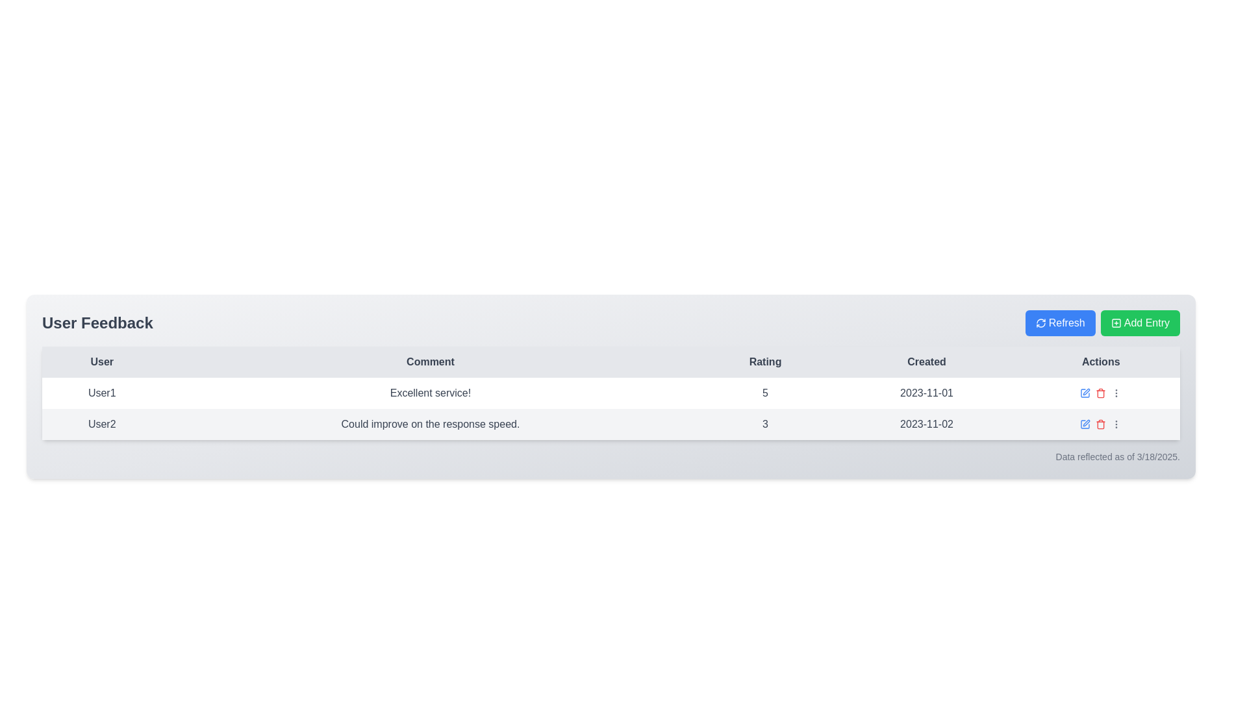 This screenshot has width=1247, height=701. I want to click on text label displaying 'User' which is the first column header of a table, located at the top left position within the header row, so click(101, 362).